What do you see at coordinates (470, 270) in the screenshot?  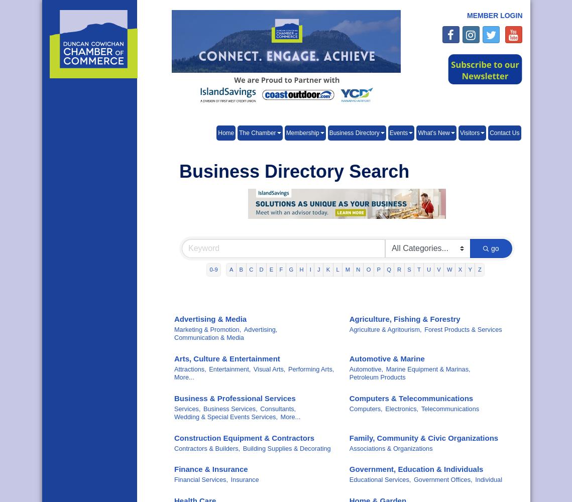 I see `'Y'` at bounding box center [470, 270].